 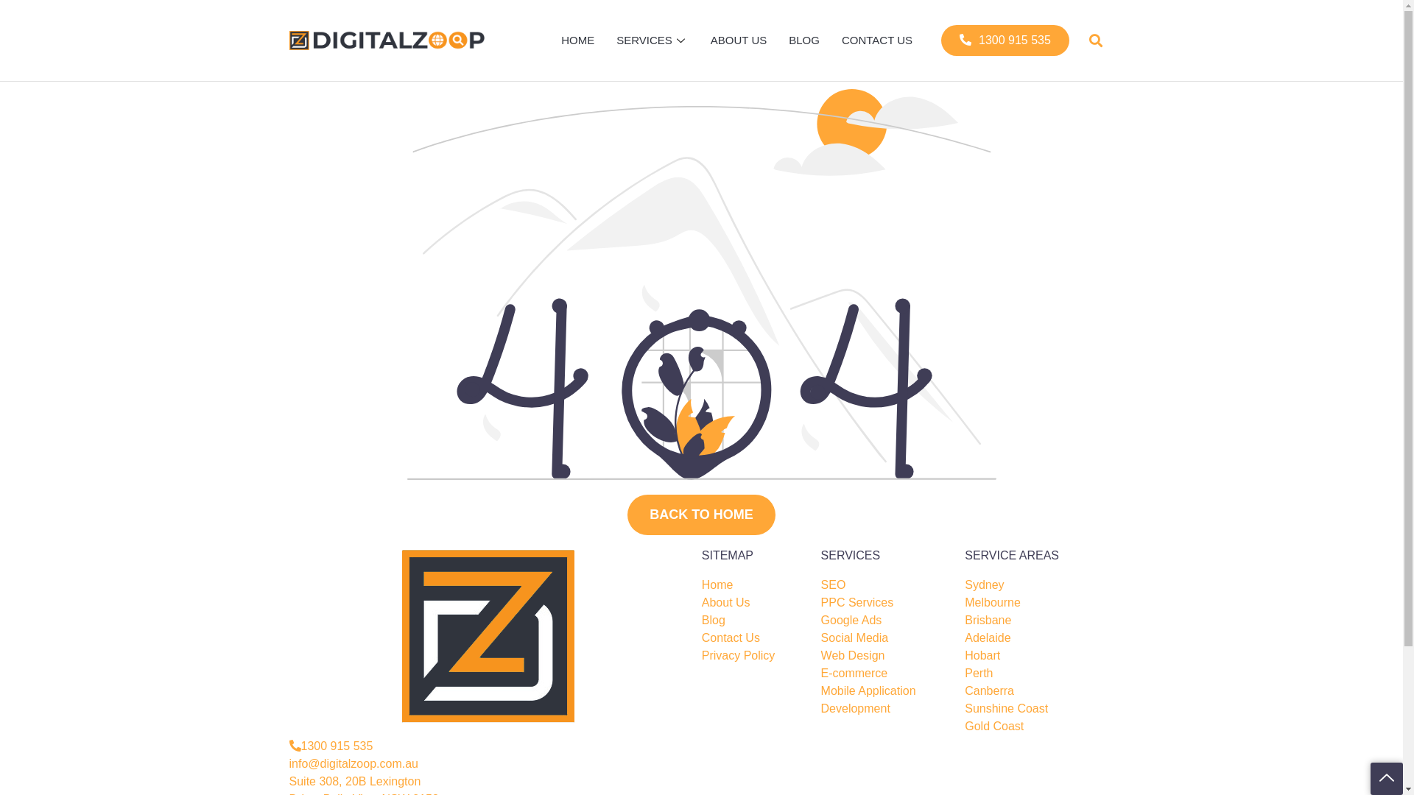 I want to click on 'Hobart', so click(x=982, y=655).